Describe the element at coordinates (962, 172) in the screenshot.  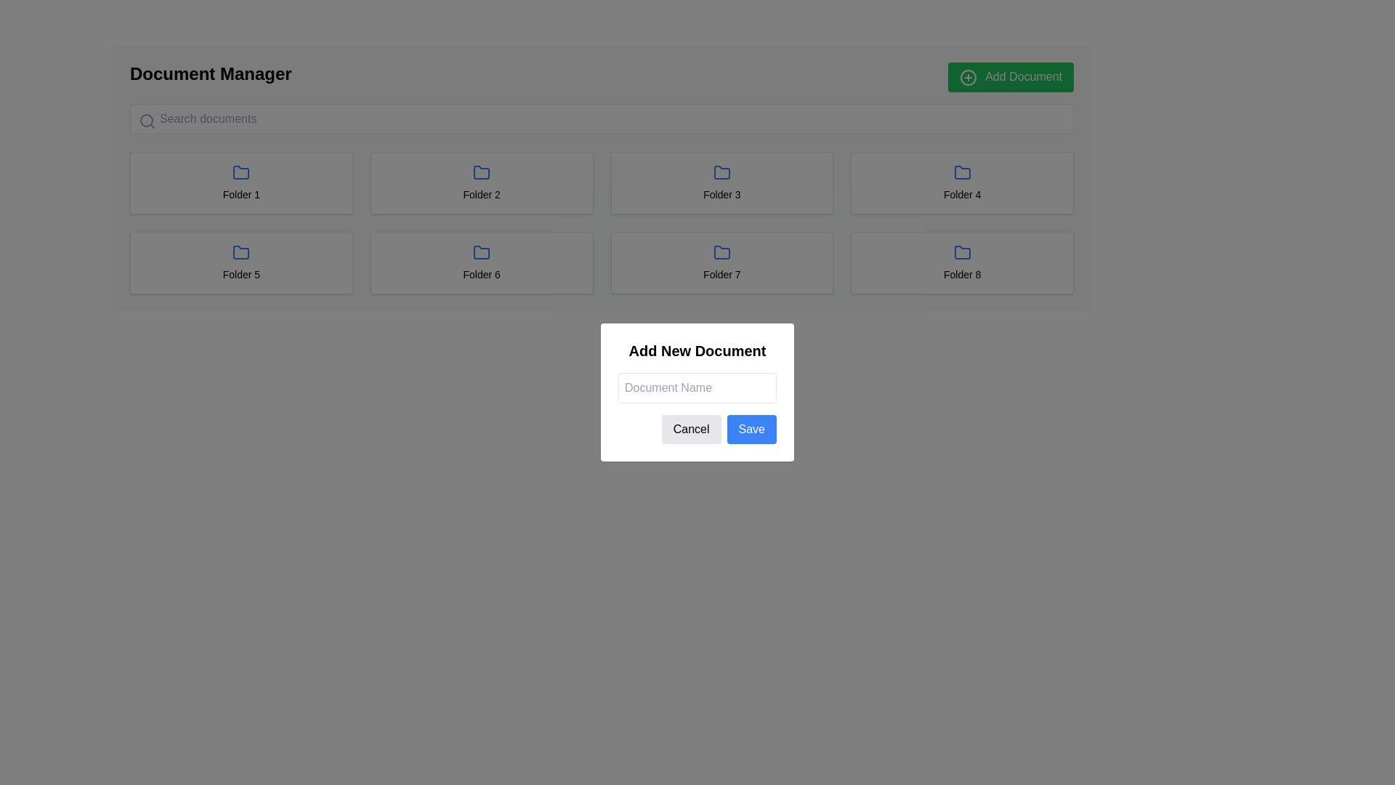
I see `the folder icon with a blue outline above the text label 'Folder 4'` at that location.